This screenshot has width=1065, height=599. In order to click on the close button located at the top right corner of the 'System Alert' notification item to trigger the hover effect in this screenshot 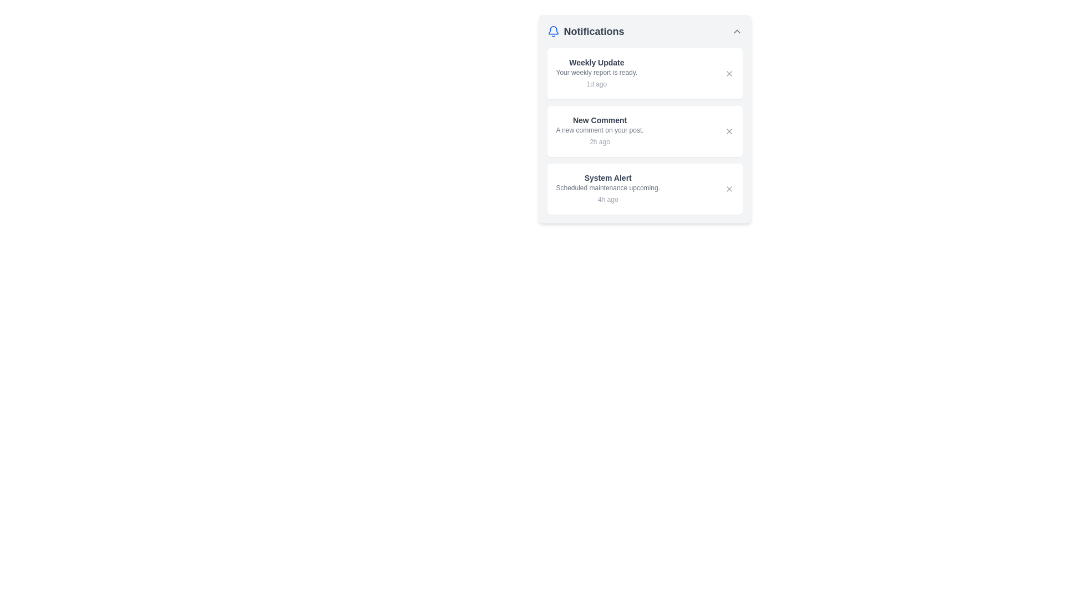, I will do `click(729, 188)`.